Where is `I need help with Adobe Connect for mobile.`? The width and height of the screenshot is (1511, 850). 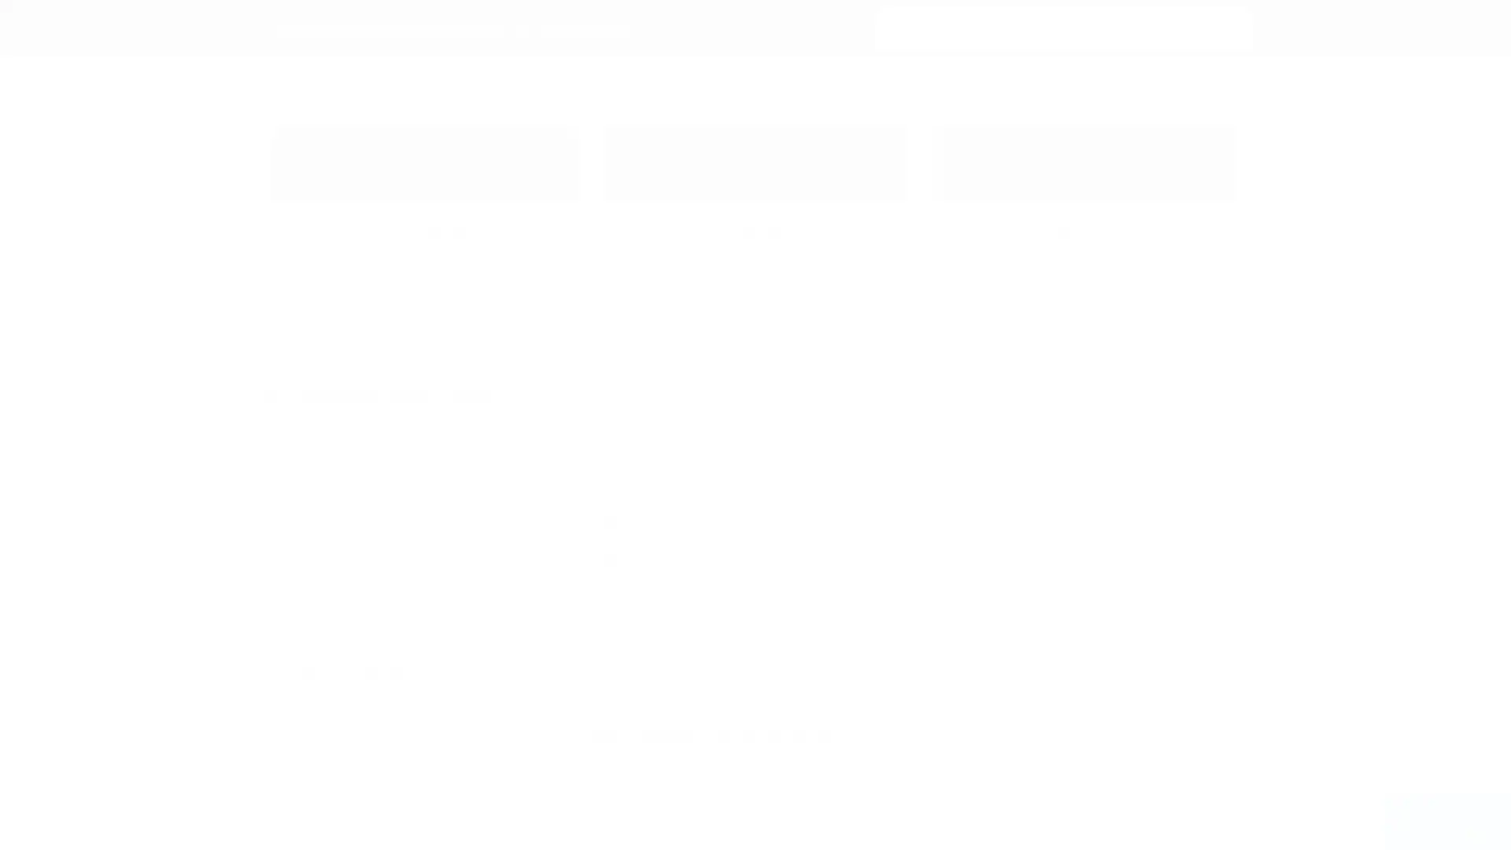
I need help with Adobe Connect for mobile. is located at coordinates (709, 456).